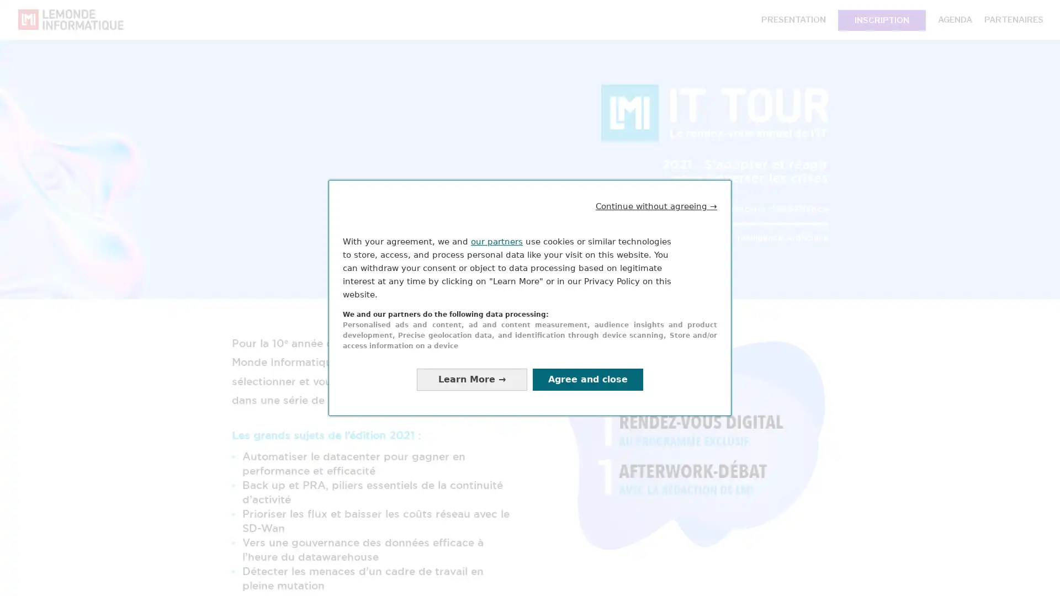 This screenshot has height=596, width=1060. Describe the element at coordinates (471, 379) in the screenshot. I see `Configure your consents` at that location.